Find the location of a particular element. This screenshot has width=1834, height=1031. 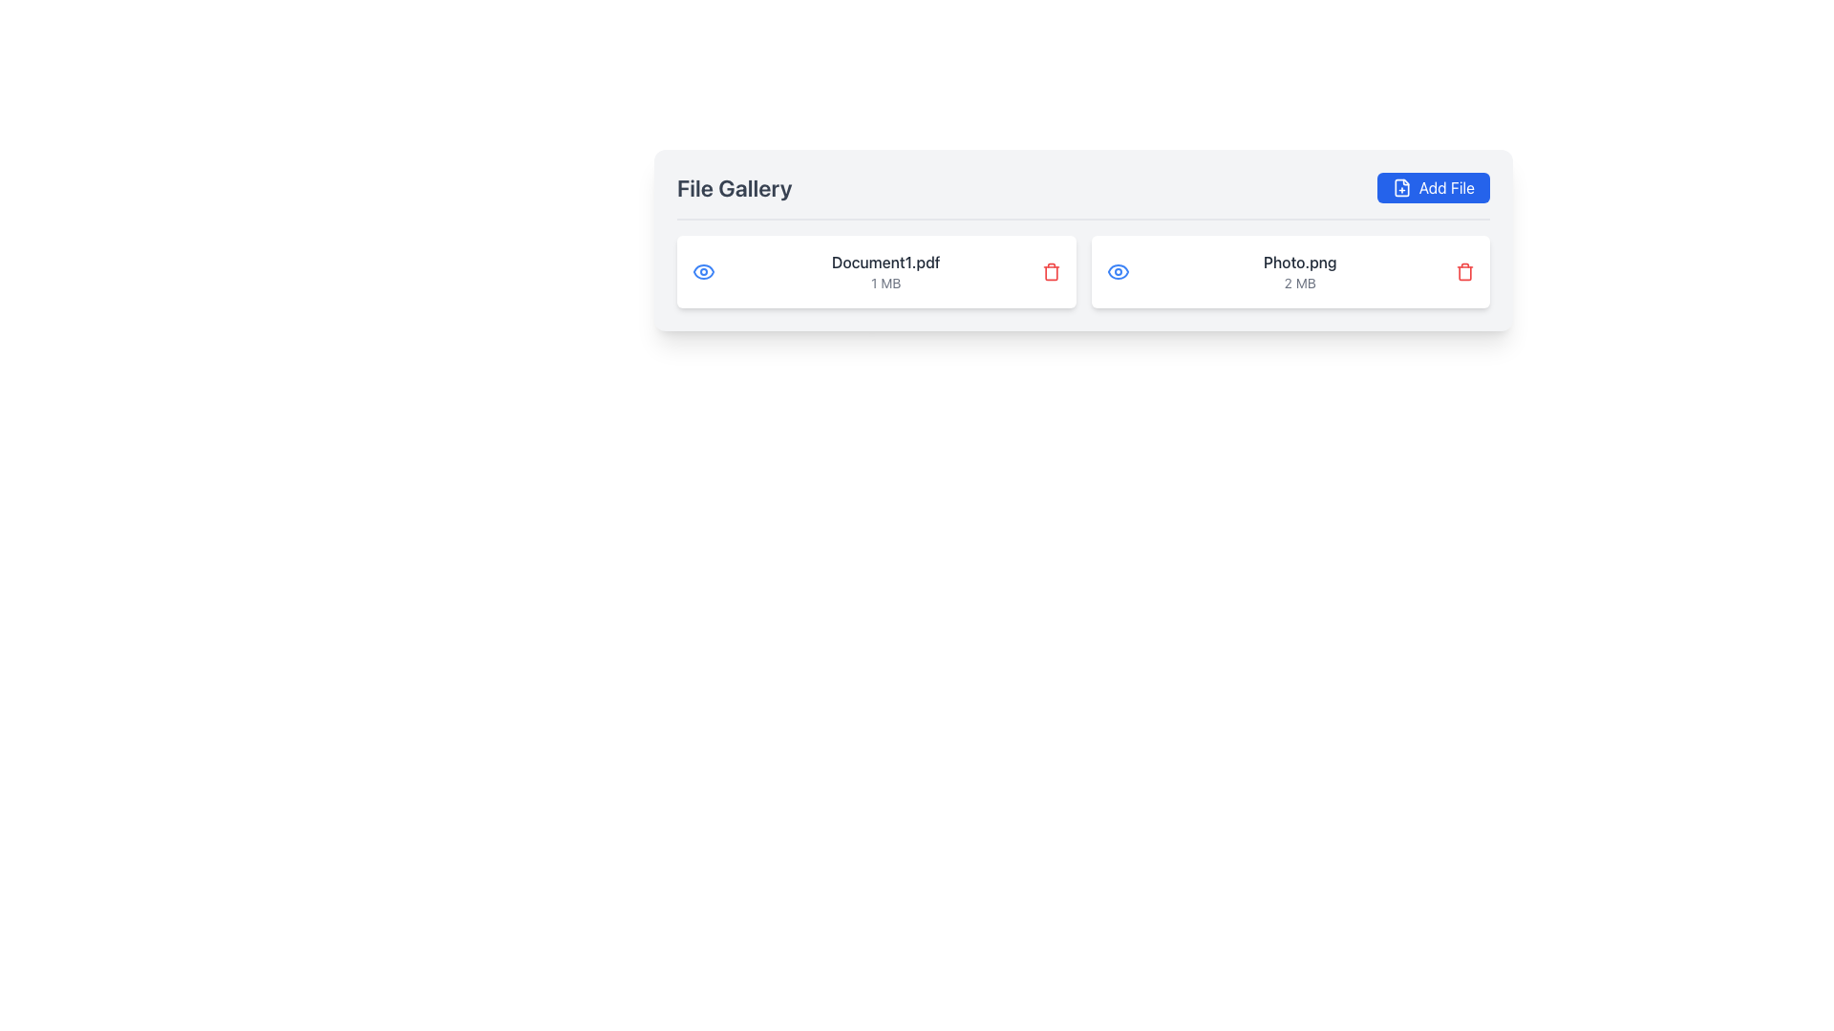

the folder-shaped icon located to the left of the 'Add File' button is located at coordinates (1401, 187).